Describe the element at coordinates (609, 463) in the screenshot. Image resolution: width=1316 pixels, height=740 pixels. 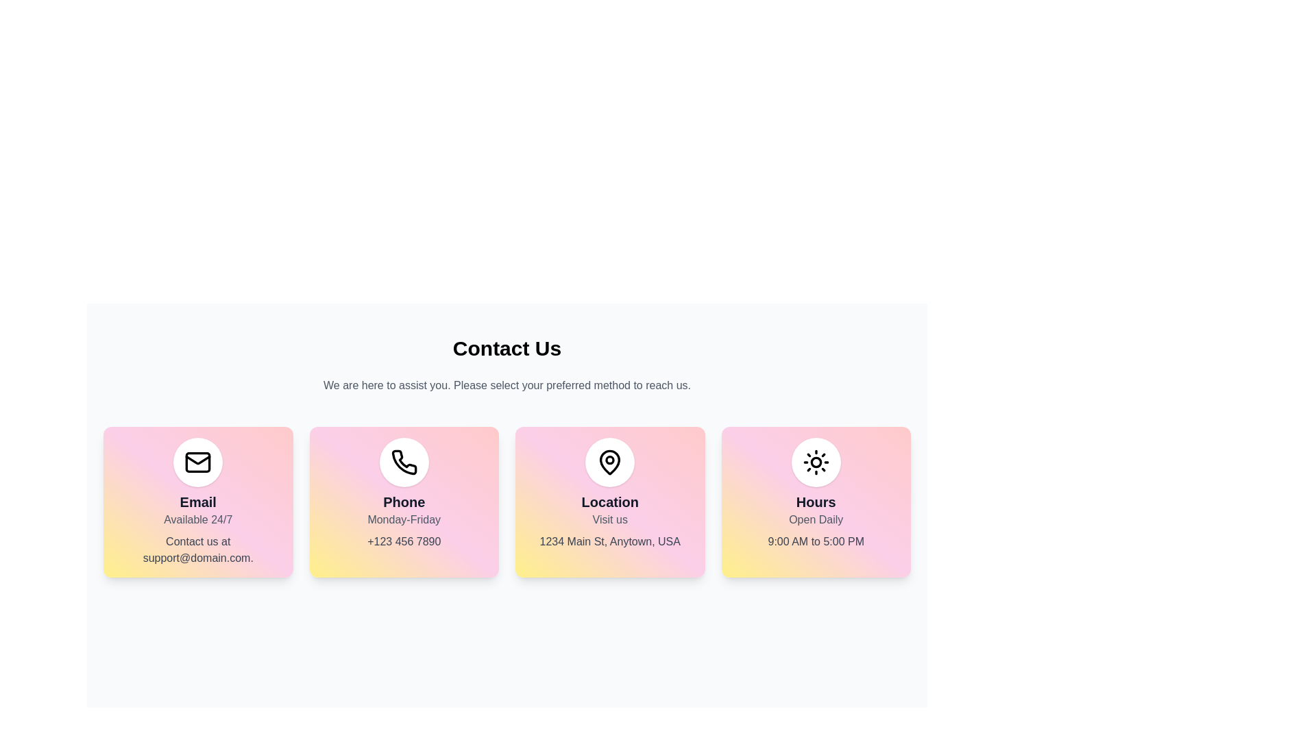
I see `the circular white button-like icon containing a black outline of a location pin, located in the upper part of the third card labeled 'Location' in the contact information section` at that location.